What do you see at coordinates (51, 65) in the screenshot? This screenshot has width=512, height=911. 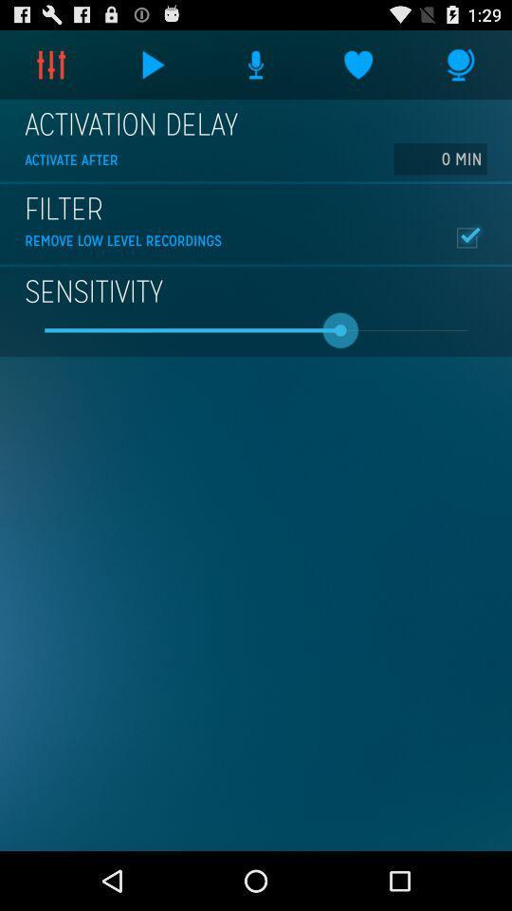 I see `item above the activation delay icon` at bounding box center [51, 65].